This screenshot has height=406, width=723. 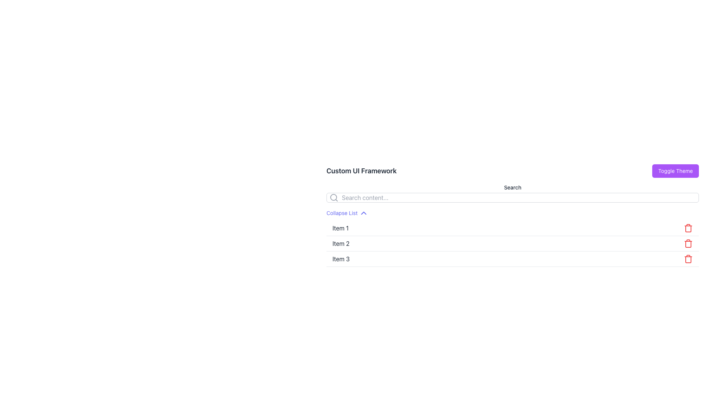 I want to click on the search input field, which is a rounded rectangle with a gray border and a placeholder text 'Search content...', by pressing the tab key, so click(x=512, y=197).